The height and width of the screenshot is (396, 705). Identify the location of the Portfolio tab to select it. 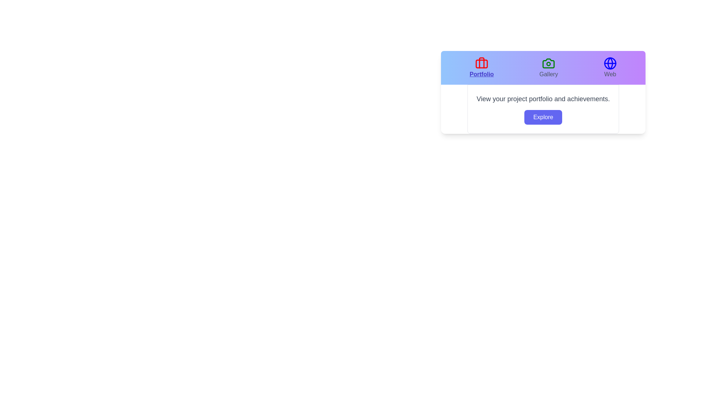
(481, 68).